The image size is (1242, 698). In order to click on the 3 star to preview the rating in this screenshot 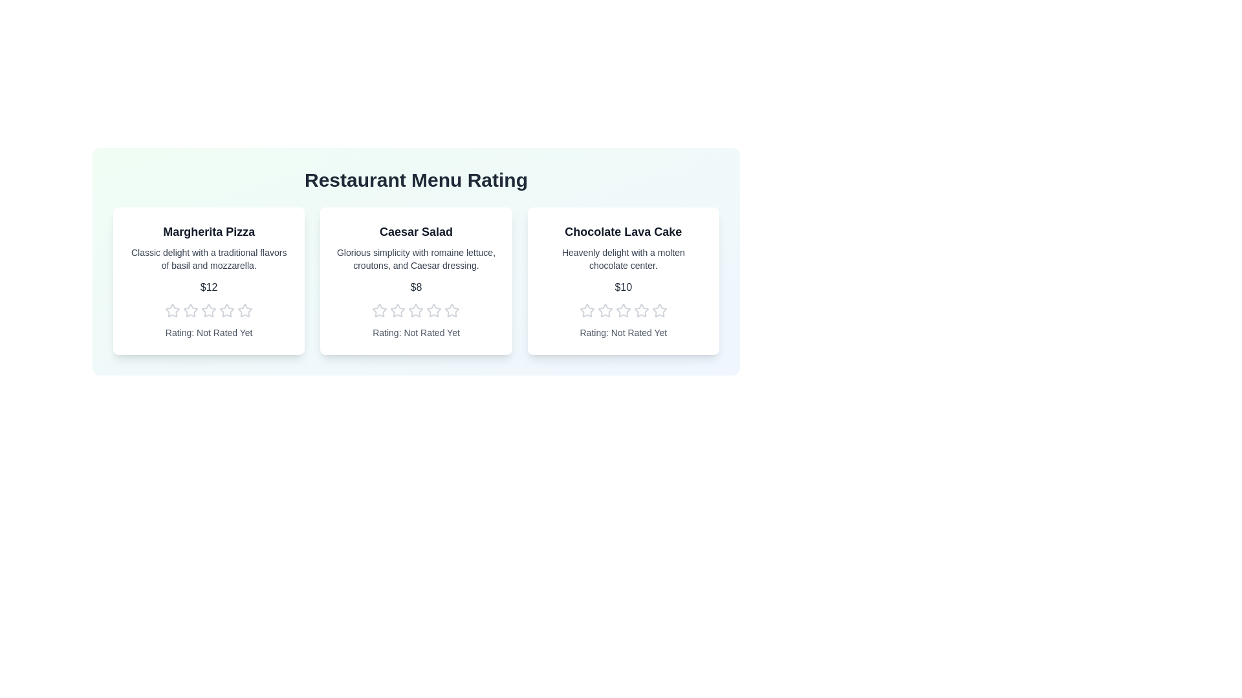, I will do `click(209, 311)`.